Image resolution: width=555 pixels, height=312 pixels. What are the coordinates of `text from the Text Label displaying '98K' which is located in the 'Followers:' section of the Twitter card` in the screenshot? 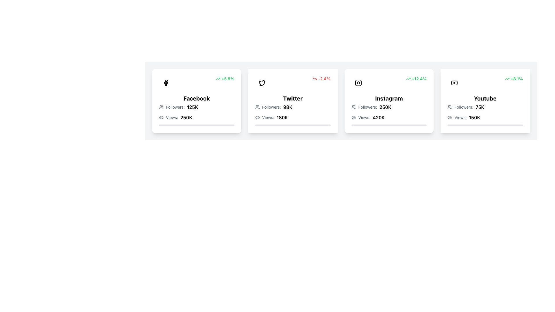 It's located at (288, 107).